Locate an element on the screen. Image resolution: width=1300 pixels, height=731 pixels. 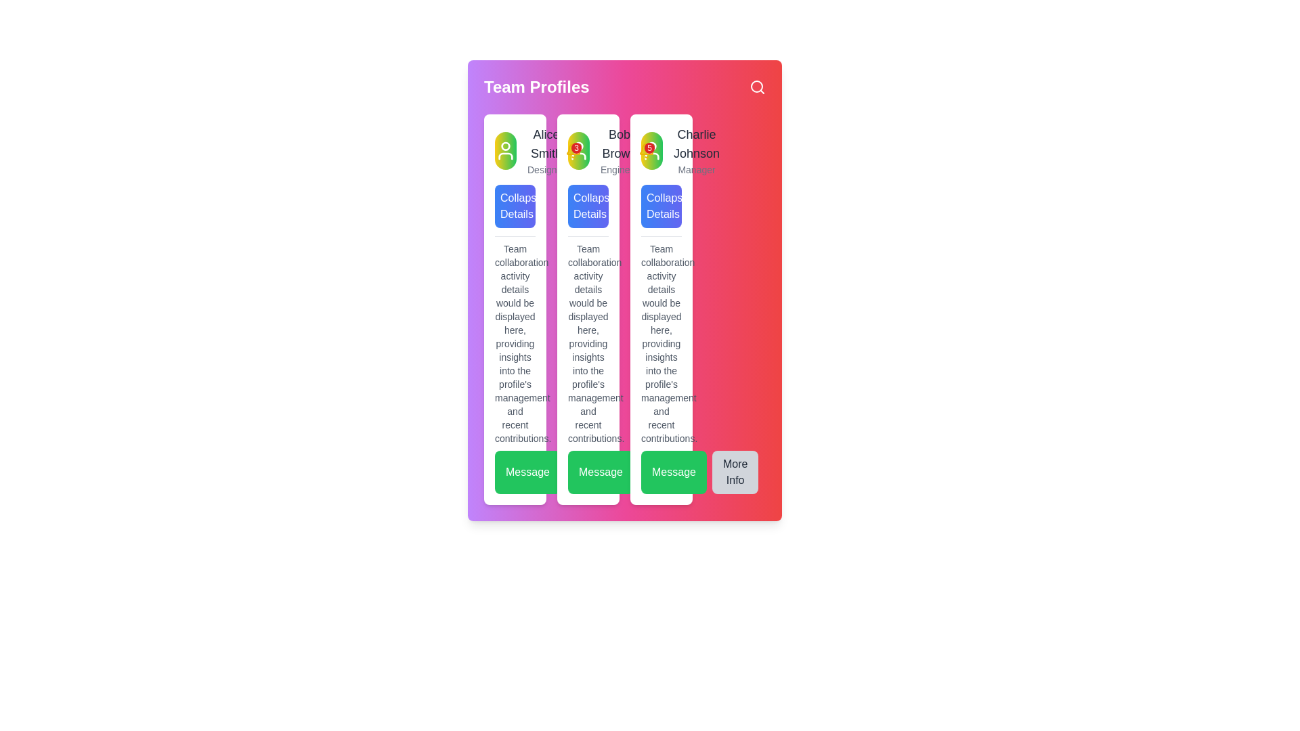
the circular avatar with a gradient background, featuring a white outline of a user's bust, located in the first profile card above the name 'Alice Smith' is located at coordinates (505, 151).